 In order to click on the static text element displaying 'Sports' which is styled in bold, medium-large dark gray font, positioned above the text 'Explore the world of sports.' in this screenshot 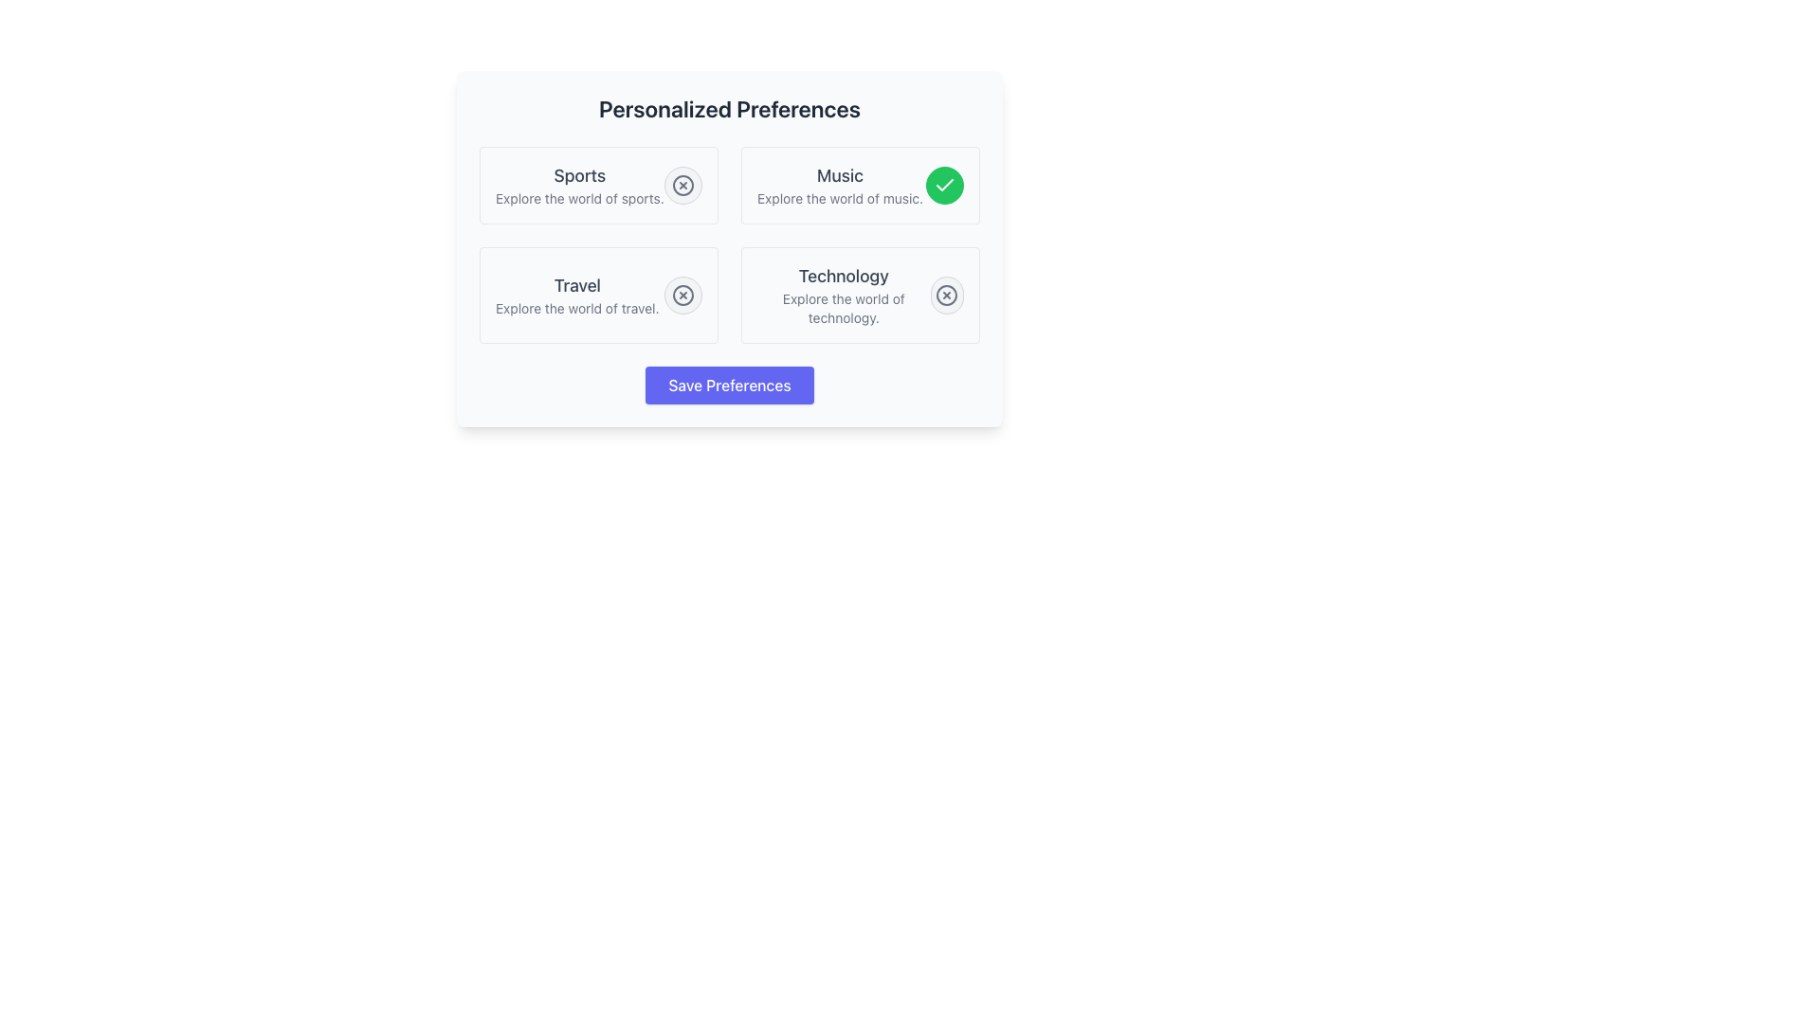, I will do `click(578, 175)`.